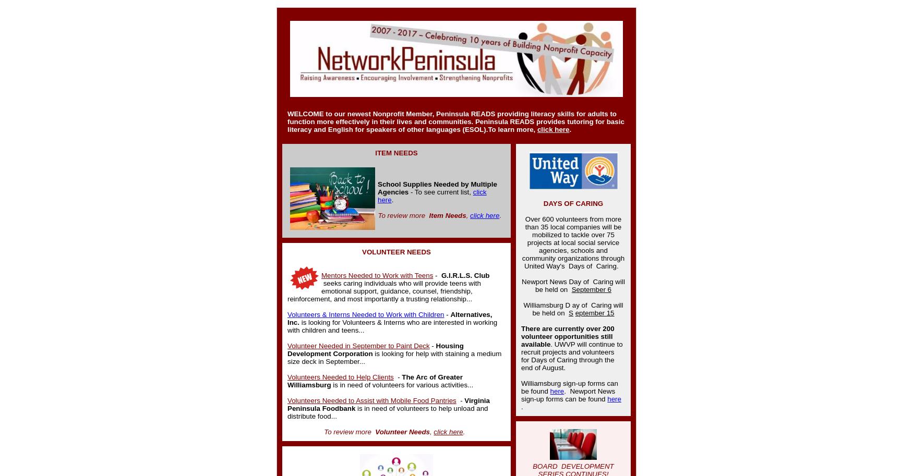 Image resolution: width=913 pixels, height=476 pixels. I want to click on 'Volunteers & Interns Needed to Work with Children', so click(287, 314).